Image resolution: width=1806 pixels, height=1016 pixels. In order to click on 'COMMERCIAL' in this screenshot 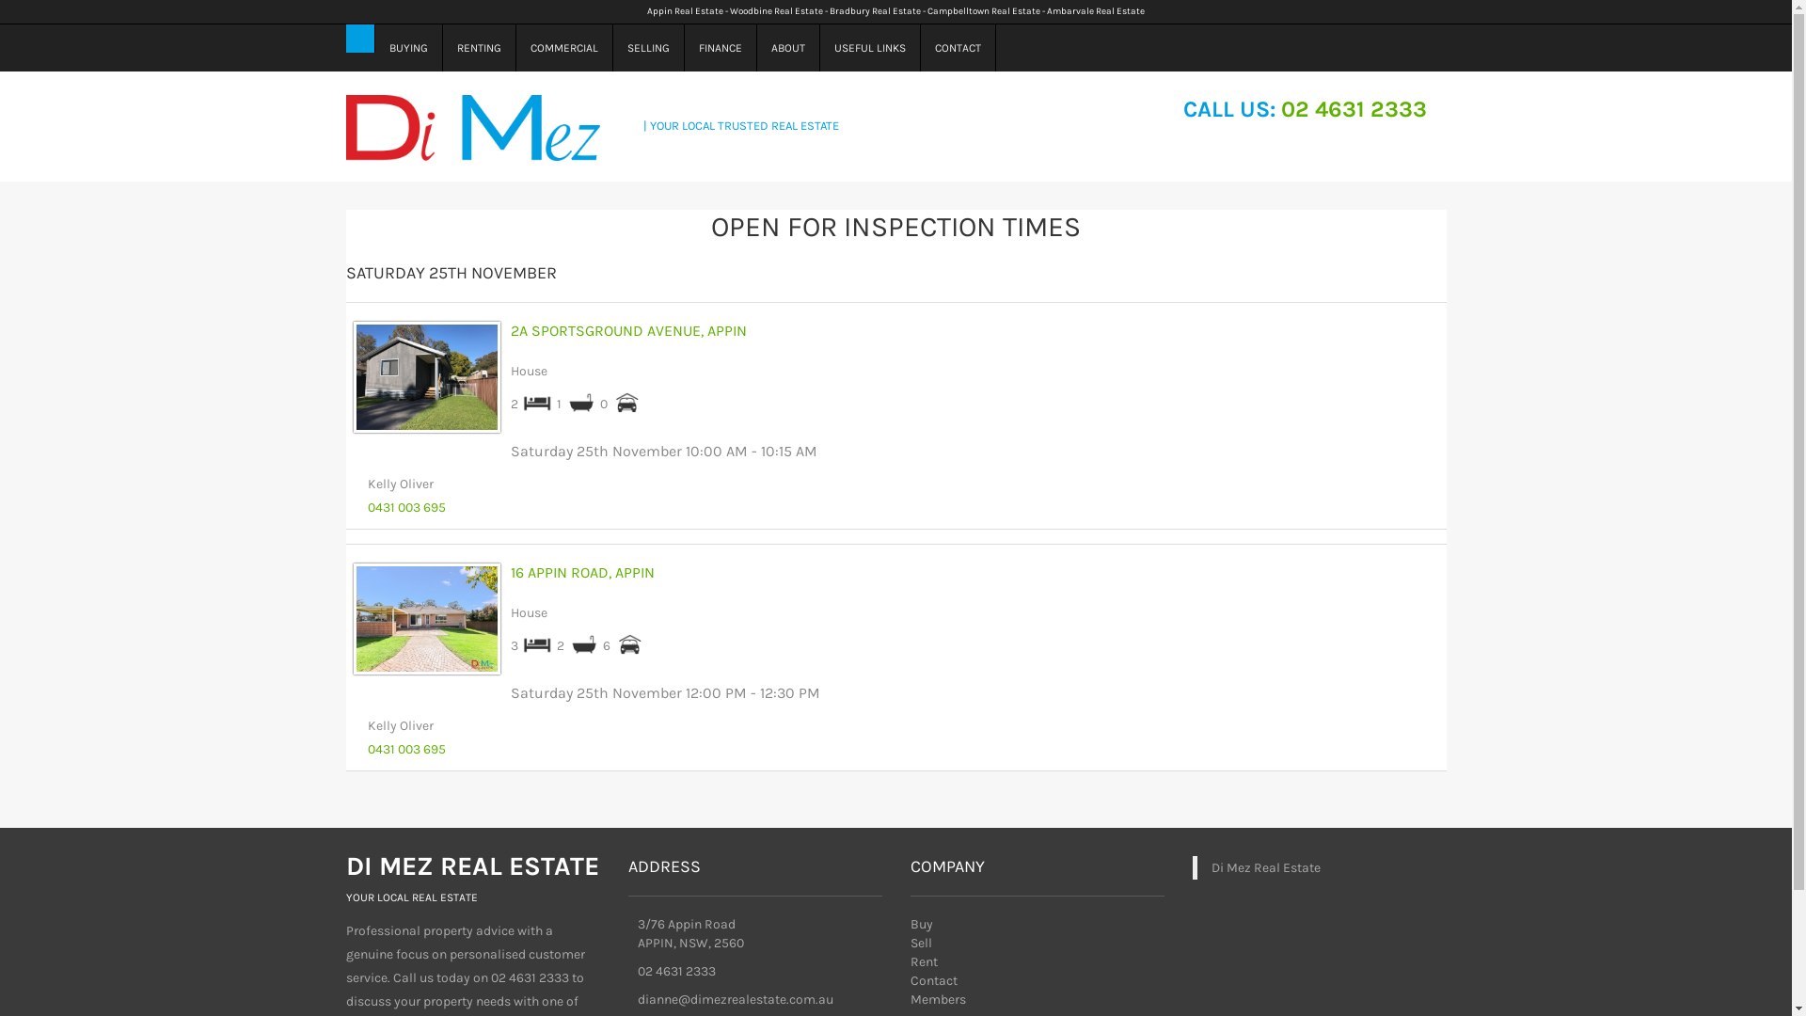, I will do `click(515, 46)`.